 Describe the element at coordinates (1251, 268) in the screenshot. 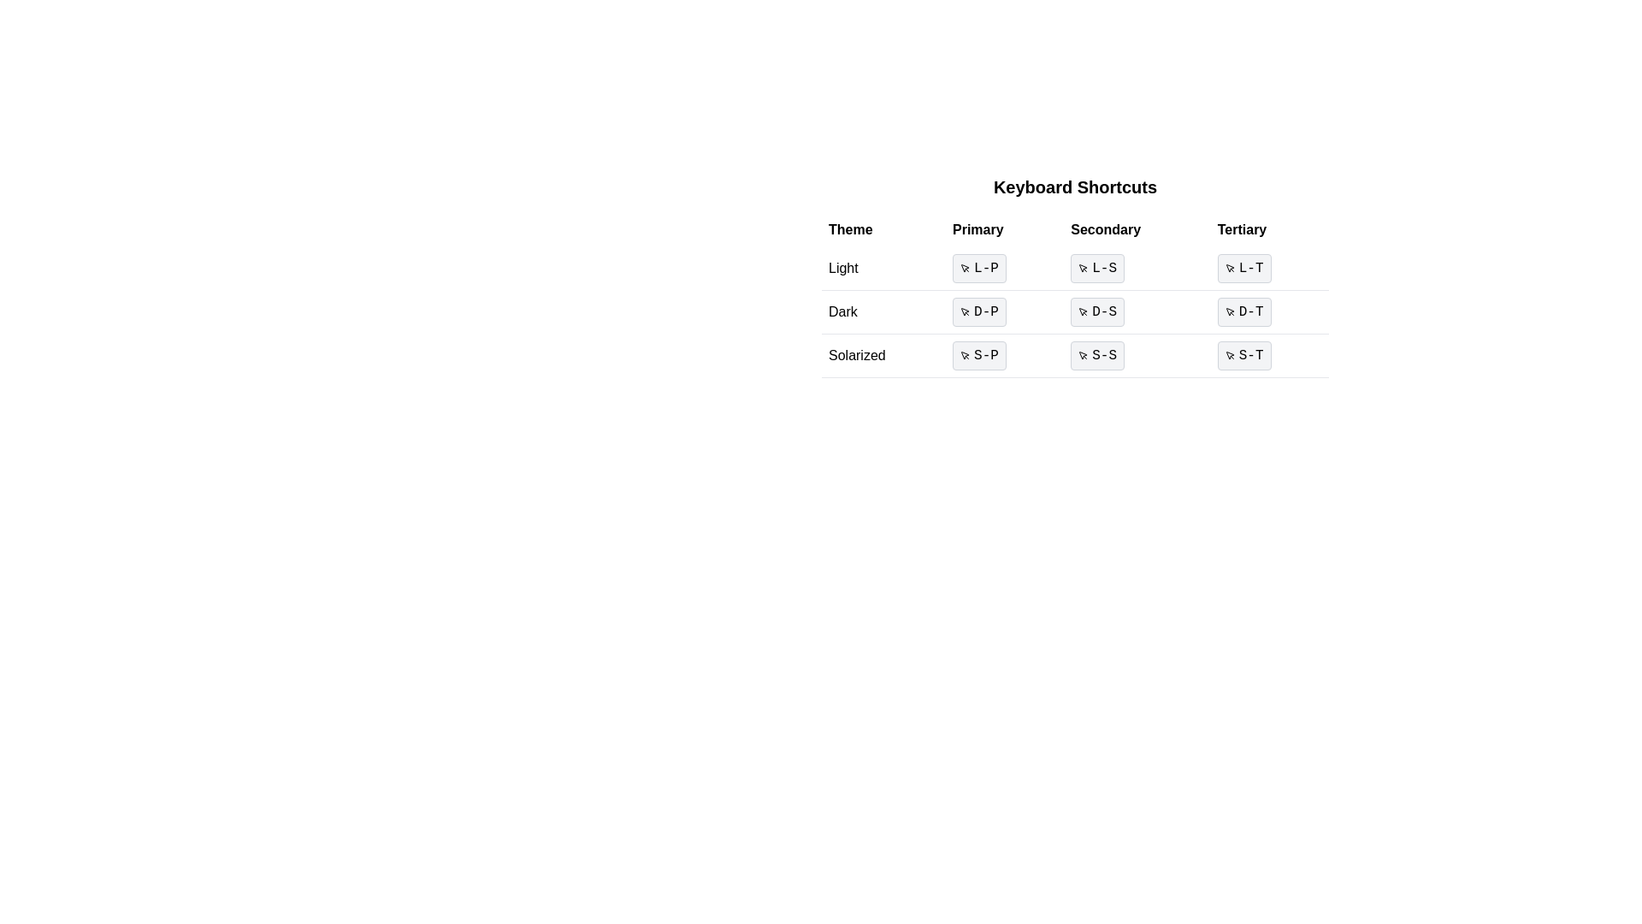

I see `text label 'L-T' located within the button component in the third column of the first row under the 'Tertiary' heading in the table structure` at that location.